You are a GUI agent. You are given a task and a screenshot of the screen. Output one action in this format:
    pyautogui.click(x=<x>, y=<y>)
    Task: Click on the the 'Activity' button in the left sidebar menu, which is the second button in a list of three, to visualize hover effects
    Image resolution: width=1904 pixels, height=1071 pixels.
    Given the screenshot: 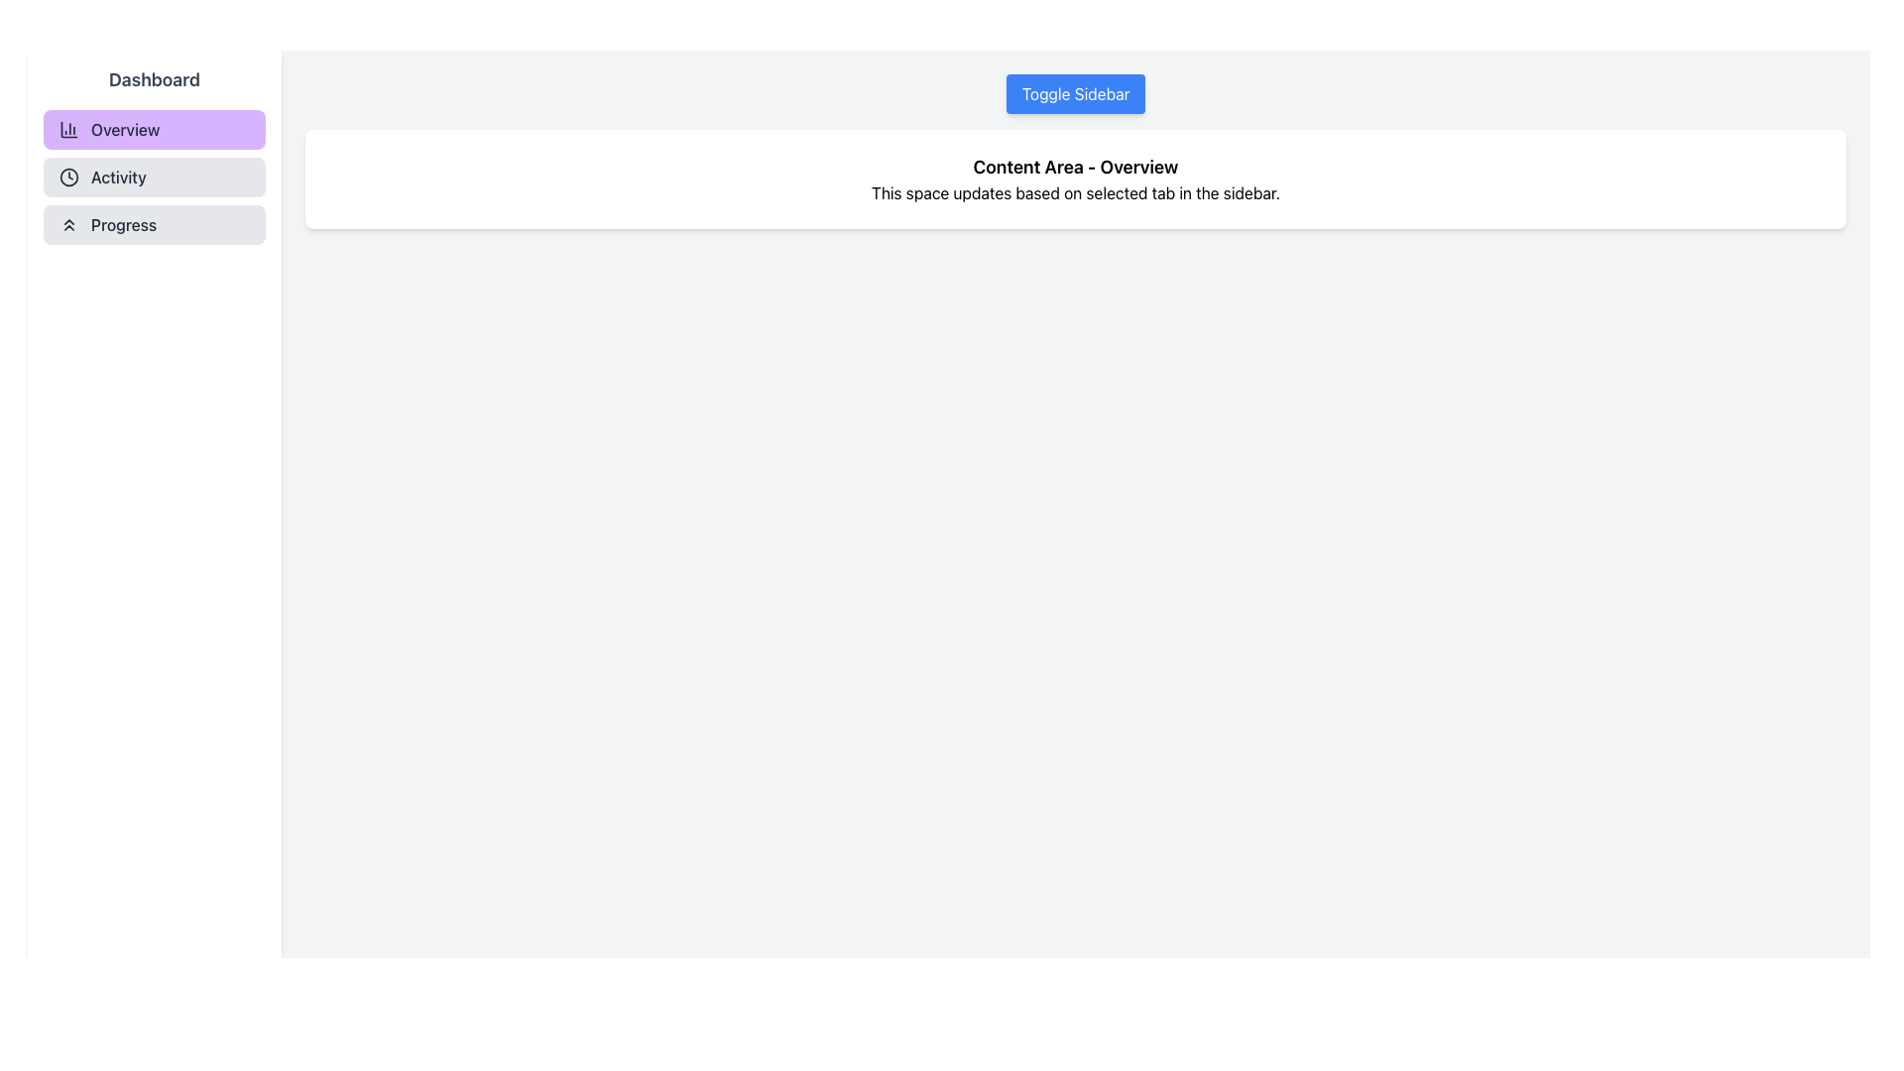 What is the action you would take?
    pyautogui.click(x=154, y=176)
    